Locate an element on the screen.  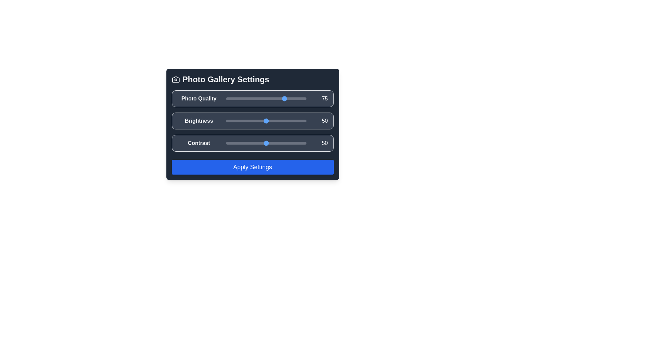
the photography icon located at the top-left corner of the 'Photo Gallery Settings' header text block is located at coordinates (175, 79).